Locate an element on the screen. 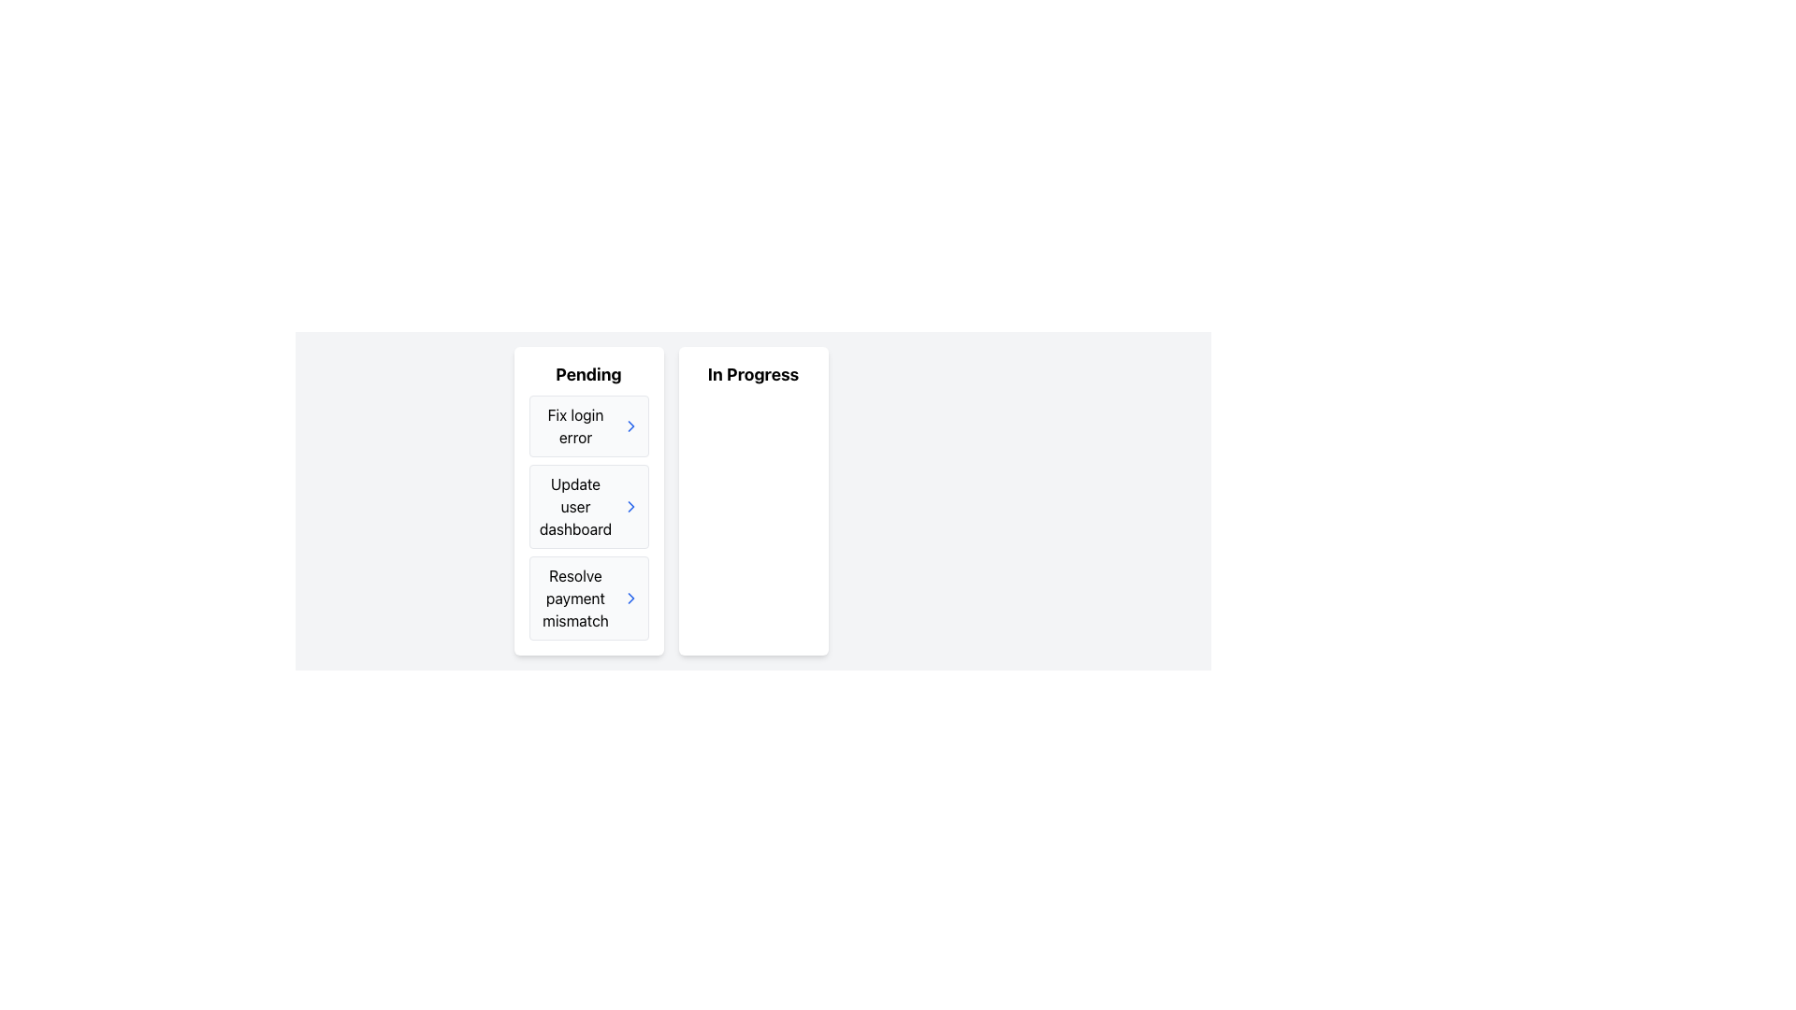 This screenshot has width=1796, height=1010. text displayed in the second task labeled 'Update user dashboard' within the task list in the 'Pending' column is located at coordinates (574, 507).